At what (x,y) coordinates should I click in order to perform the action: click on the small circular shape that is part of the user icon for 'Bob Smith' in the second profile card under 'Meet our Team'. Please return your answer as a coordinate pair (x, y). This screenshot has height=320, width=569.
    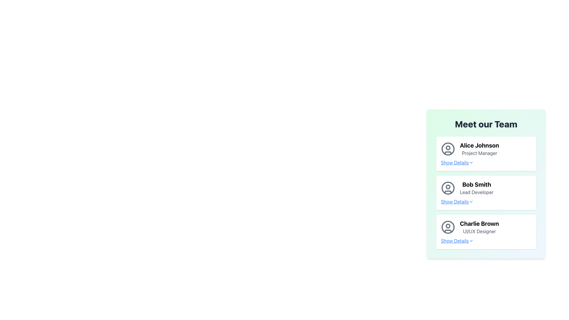
    Looking at the image, I should click on (448, 187).